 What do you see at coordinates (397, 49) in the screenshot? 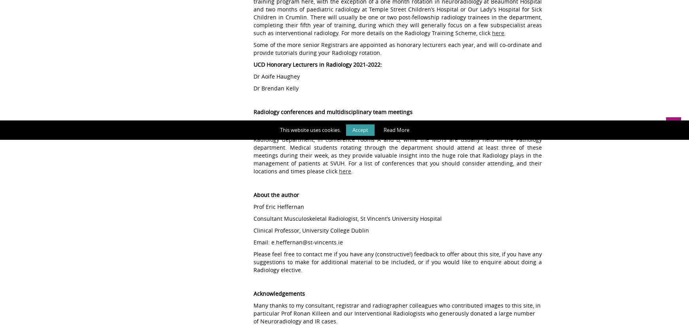
I see `'Some of the more senior Registrars are appointed as honorary lecturers each year, and will co-ordinate and provide tutorials during your Radiology rotation.'` at bounding box center [397, 49].